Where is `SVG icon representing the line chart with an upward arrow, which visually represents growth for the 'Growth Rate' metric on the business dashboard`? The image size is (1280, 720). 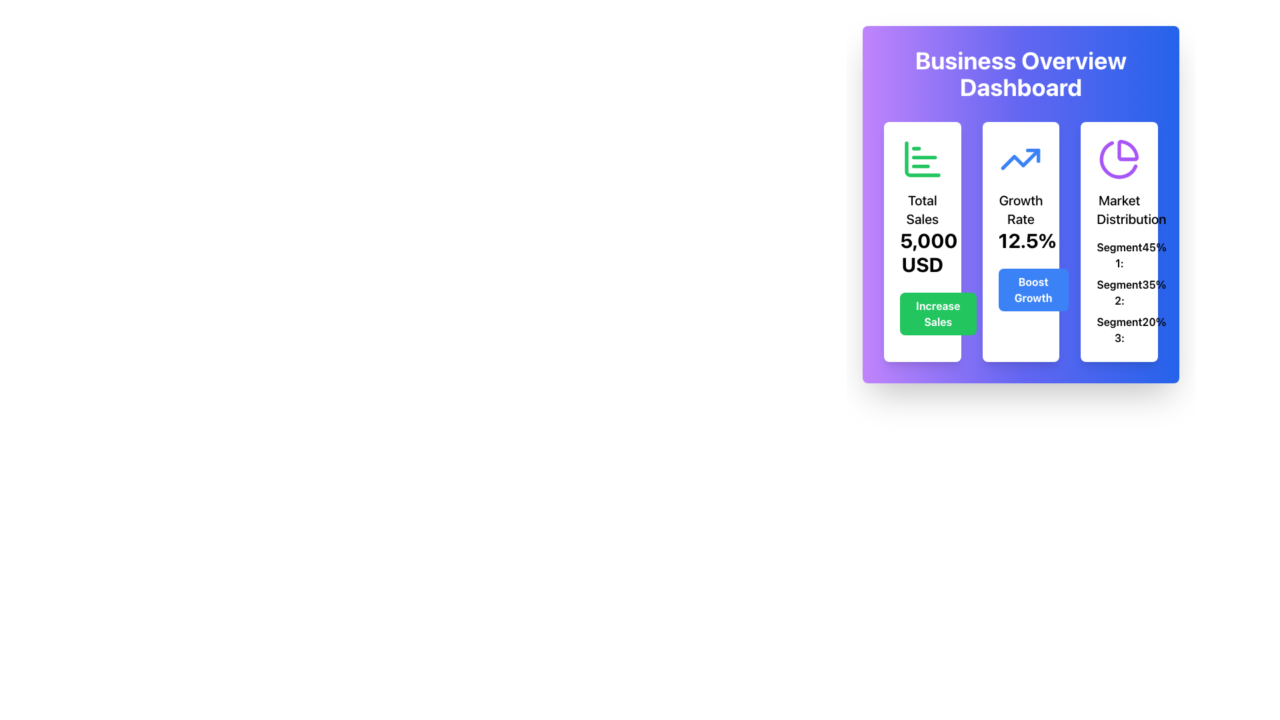
SVG icon representing the line chart with an upward arrow, which visually represents growth for the 'Growth Rate' metric on the business dashboard is located at coordinates (1020, 159).